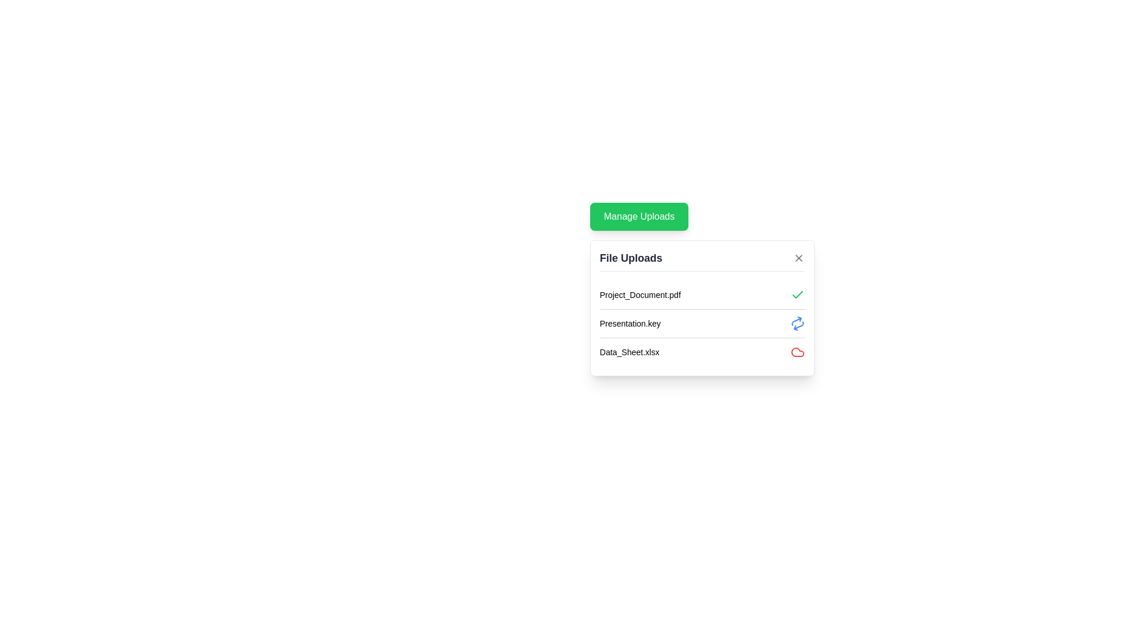  What do you see at coordinates (797, 294) in the screenshot?
I see `the status of the green checkmark icon indicating the successful upload of 'Project_Document.pdf', positioned at the far right of the file listing row` at bounding box center [797, 294].